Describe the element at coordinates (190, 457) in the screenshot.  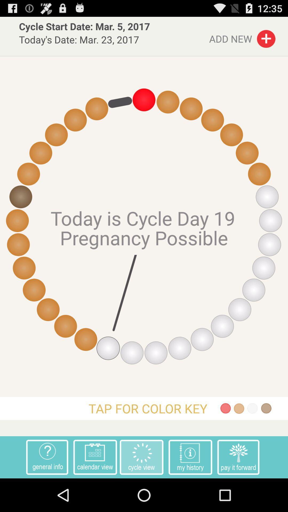
I see `the app to the left of` at that location.